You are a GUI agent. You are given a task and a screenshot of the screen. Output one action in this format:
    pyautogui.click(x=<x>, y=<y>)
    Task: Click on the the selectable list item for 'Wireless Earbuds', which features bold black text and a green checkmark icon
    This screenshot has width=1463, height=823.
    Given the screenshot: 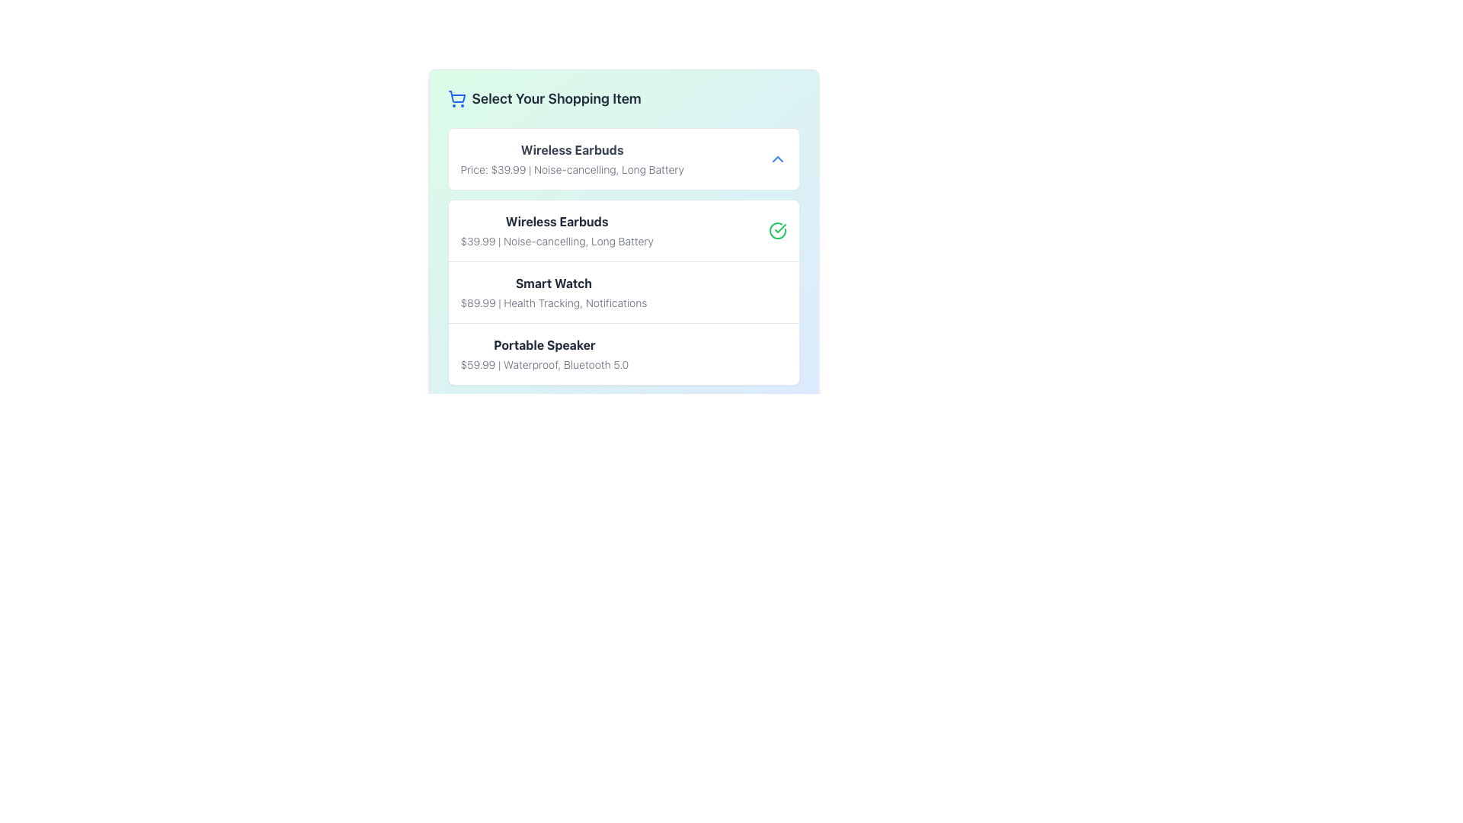 What is the action you would take?
    pyautogui.click(x=623, y=231)
    